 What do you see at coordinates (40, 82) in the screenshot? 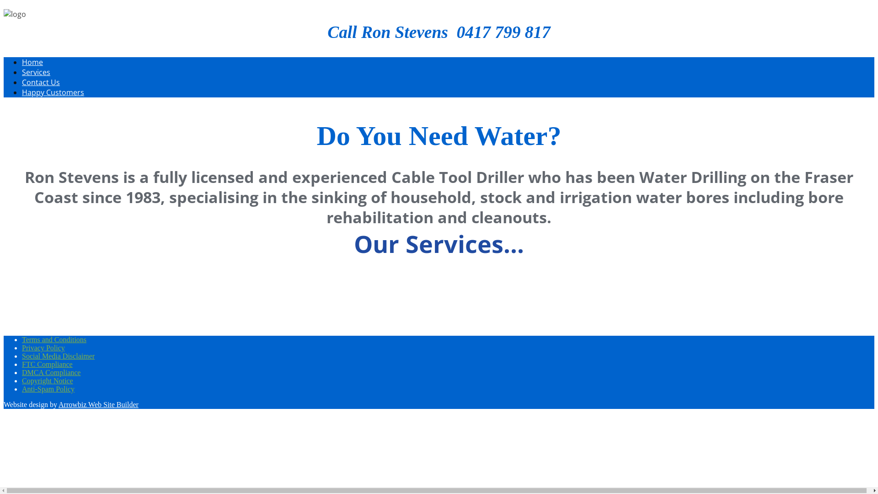
I see `'Contact Us'` at bounding box center [40, 82].